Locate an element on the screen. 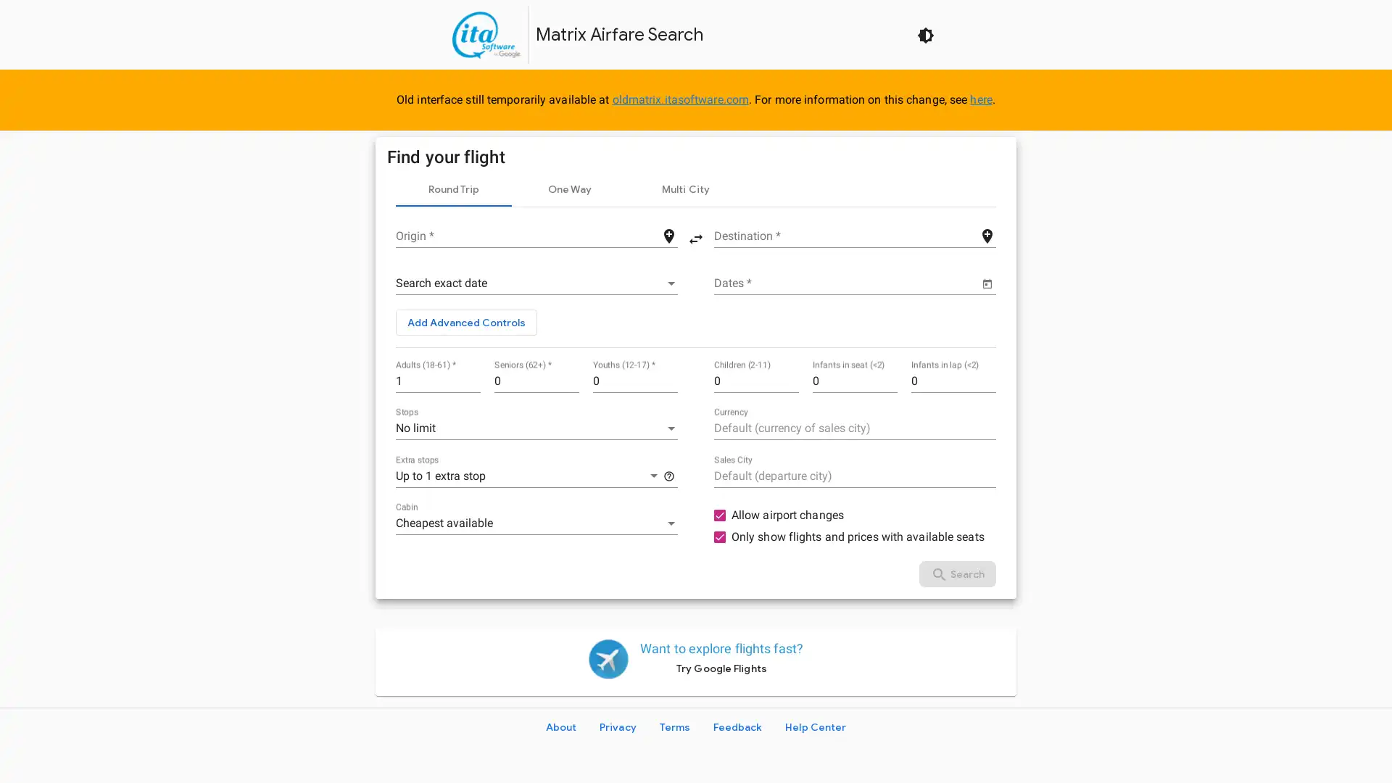 Image resolution: width=1392 pixels, height=783 pixels. add location is located at coordinates (987, 234).